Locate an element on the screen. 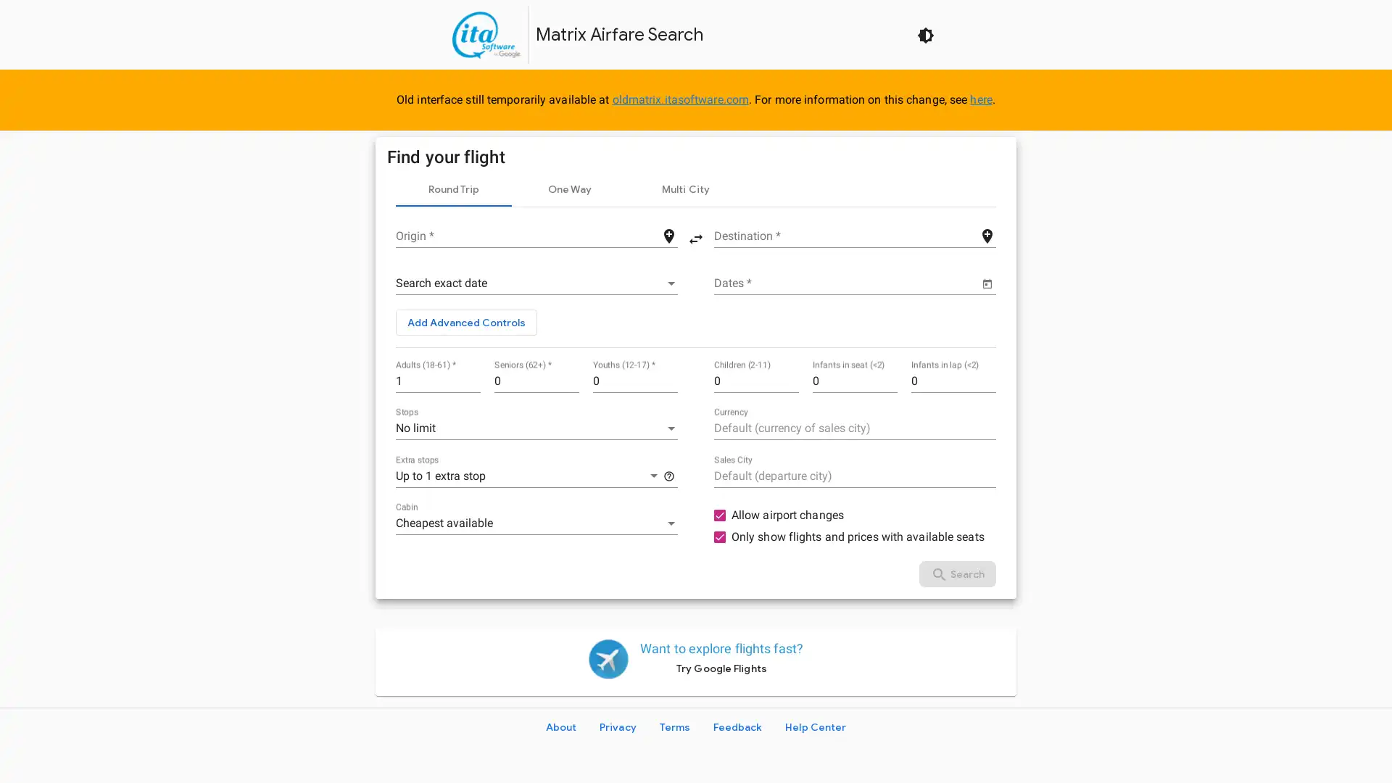 Image resolution: width=1392 pixels, height=783 pixels. add location is located at coordinates (987, 234).